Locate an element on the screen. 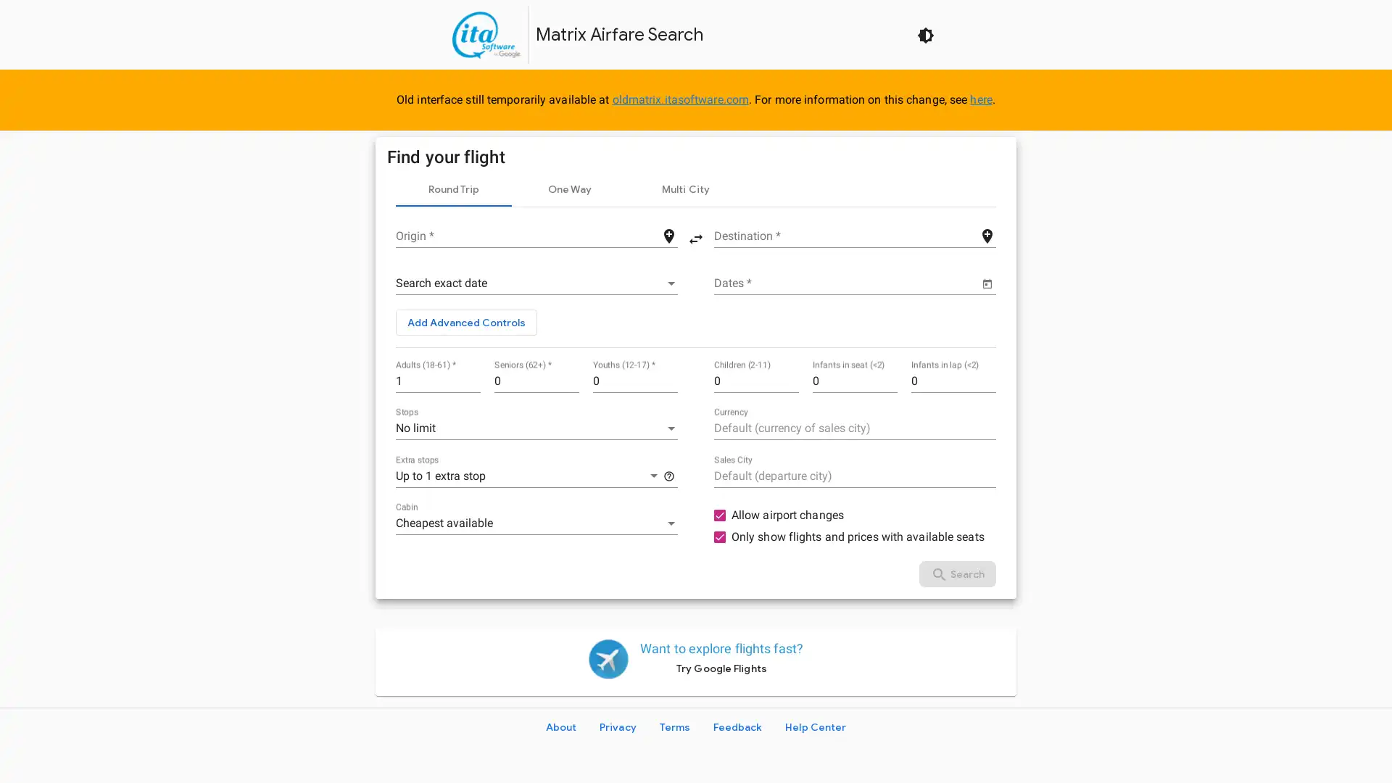 Image resolution: width=1392 pixels, height=783 pixels. add location is located at coordinates (987, 234).